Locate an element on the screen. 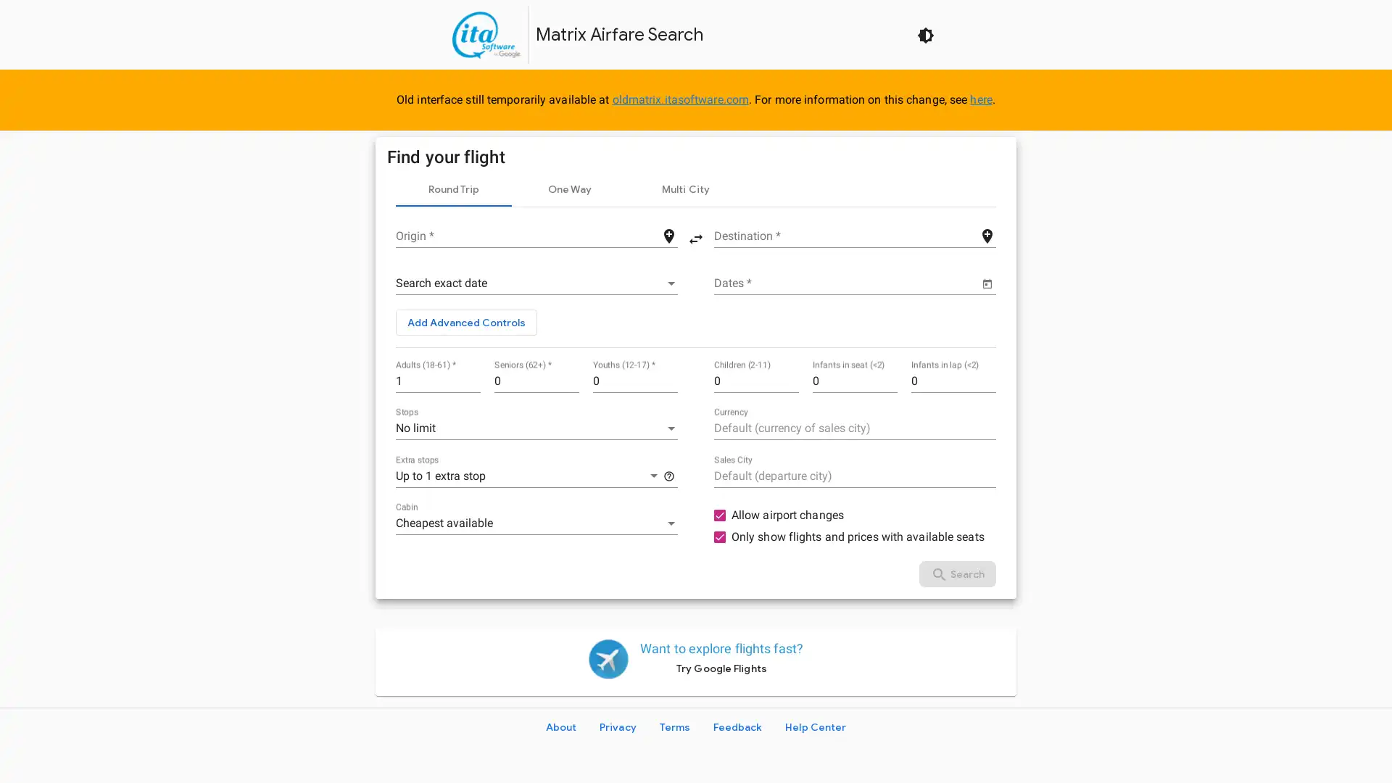 Image resolution: width=1392 pixels, height=783 pixels. add location is located at coordinates (987, 234).